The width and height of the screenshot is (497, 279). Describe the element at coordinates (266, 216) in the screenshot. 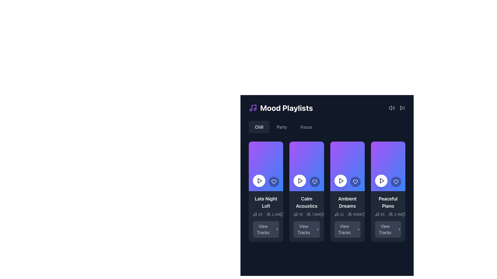

I see `the 'Late Night Lofi' playlist card located below the 'Chill' button in the 'Mood Playlists' section` at that location.